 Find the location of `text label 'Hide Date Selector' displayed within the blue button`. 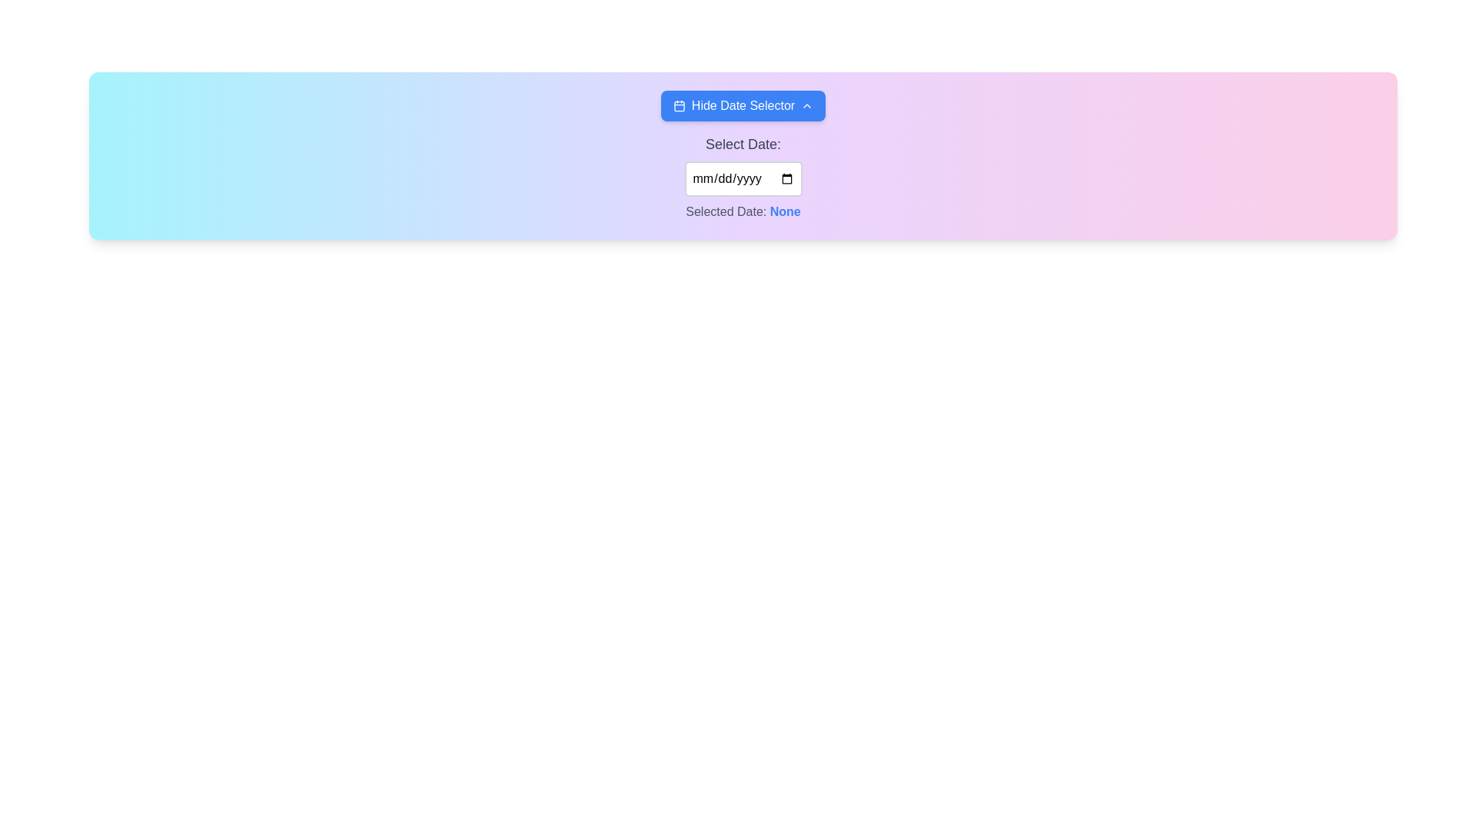

text label 'Hide Date Selector' displayed within the blue button is located at coordinates (743, 105).